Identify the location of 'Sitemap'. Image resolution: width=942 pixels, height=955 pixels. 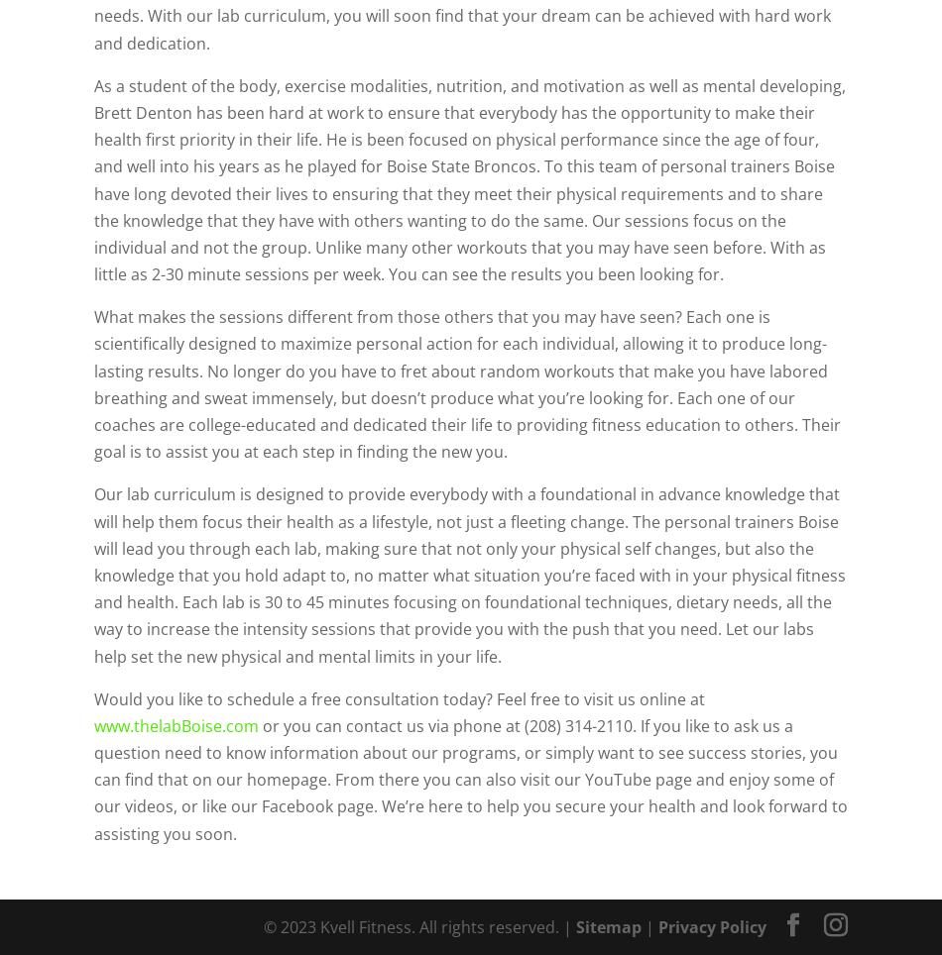
(608, 925).